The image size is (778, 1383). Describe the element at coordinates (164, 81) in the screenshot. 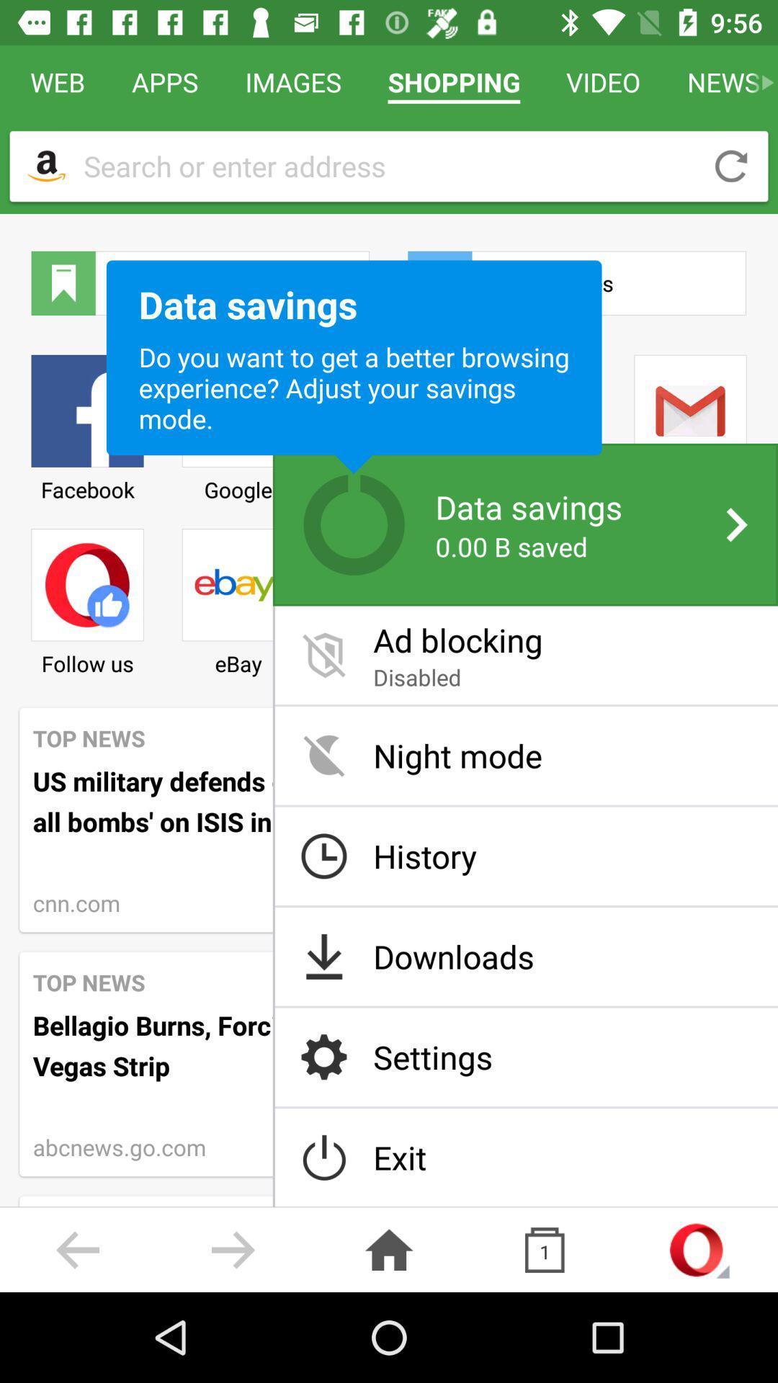

I see `the text right to web at top left of the page` at that location.